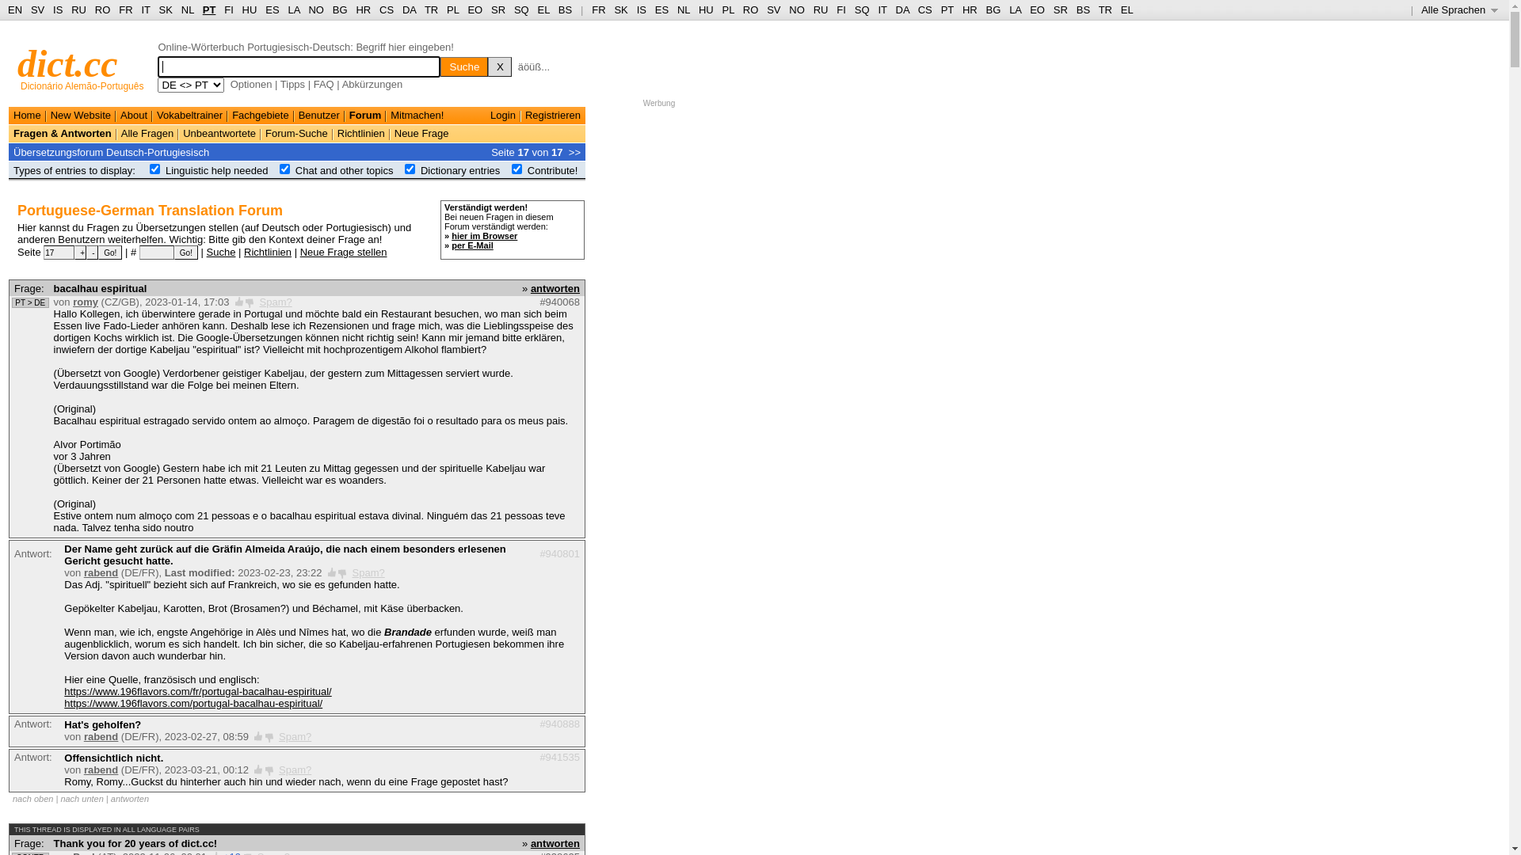 This screenshot has width=1521, height=855. I want to click on 'NL', so click(684, 9).